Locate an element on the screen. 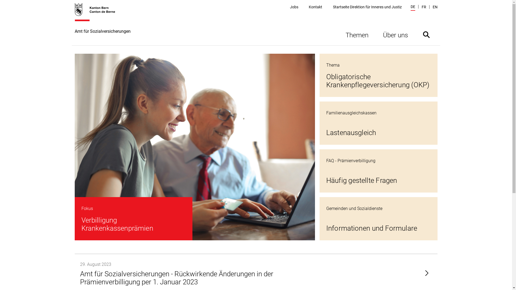 Image resolution: width=516 pixels, height=290 pixels. 'EN' is located at coordinates (435, 7).